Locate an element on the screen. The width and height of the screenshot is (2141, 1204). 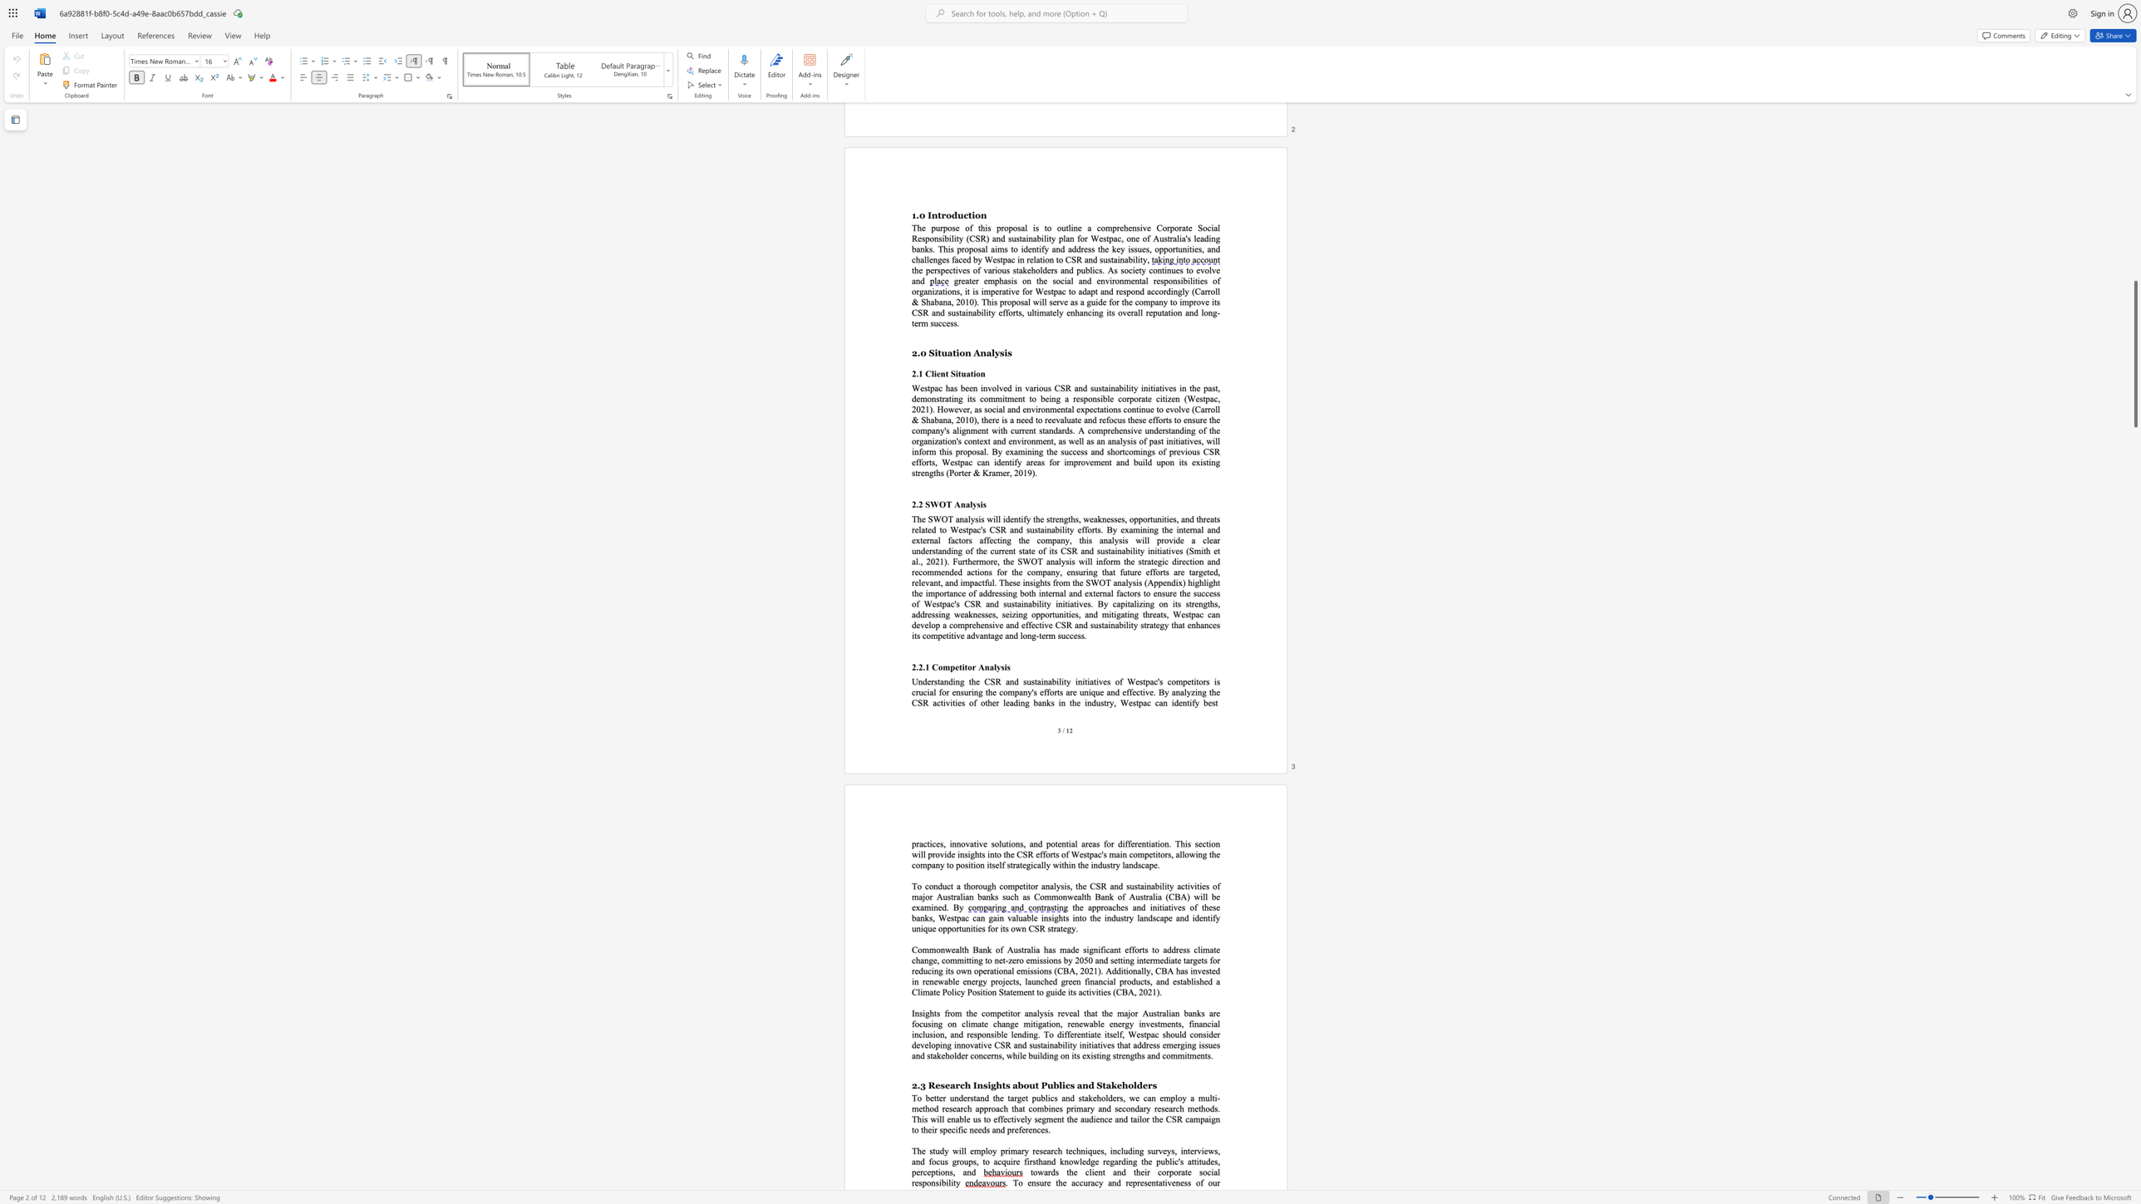
the 1th character "c" in the text is located at coordinates (924, 1171).